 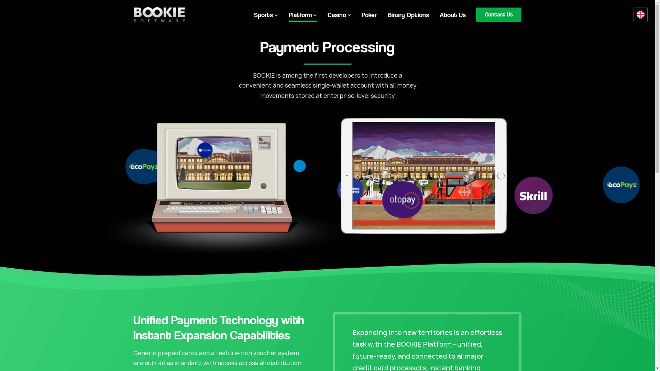 I want to click on 'Casino', so click(x=308, y=13).